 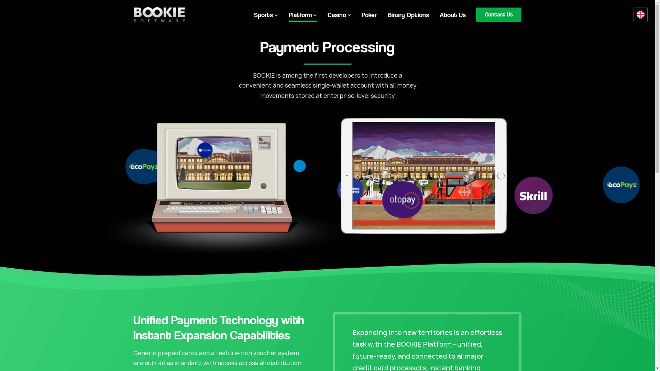 I want to click on 'Casino', so click(x=308, y=13).